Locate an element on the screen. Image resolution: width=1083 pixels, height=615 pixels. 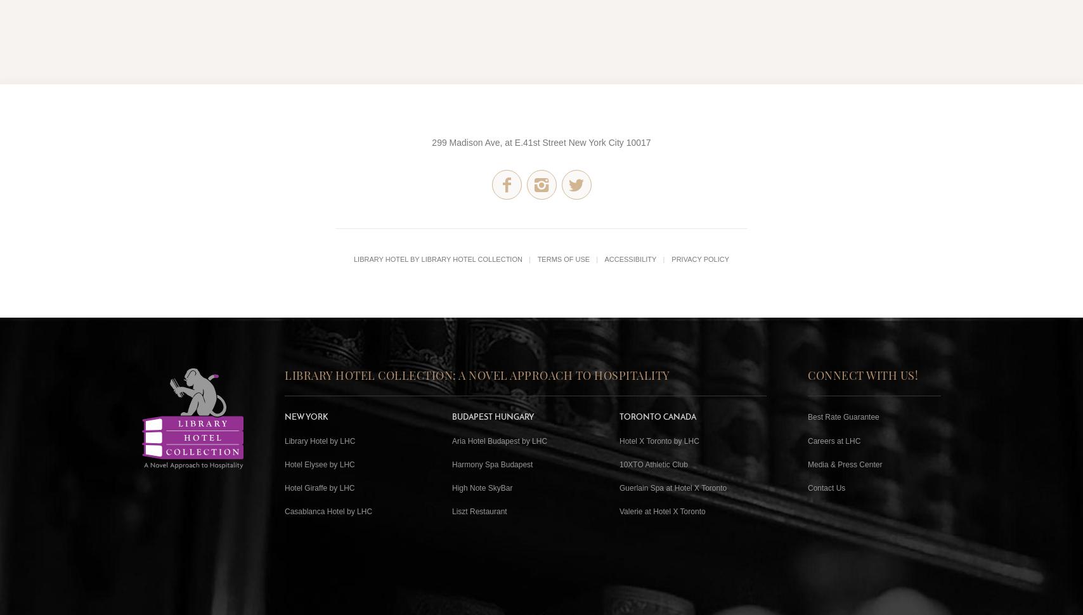
'Guerlain Spa at Hotel X Toronto' is located at coordinates (673, 487).